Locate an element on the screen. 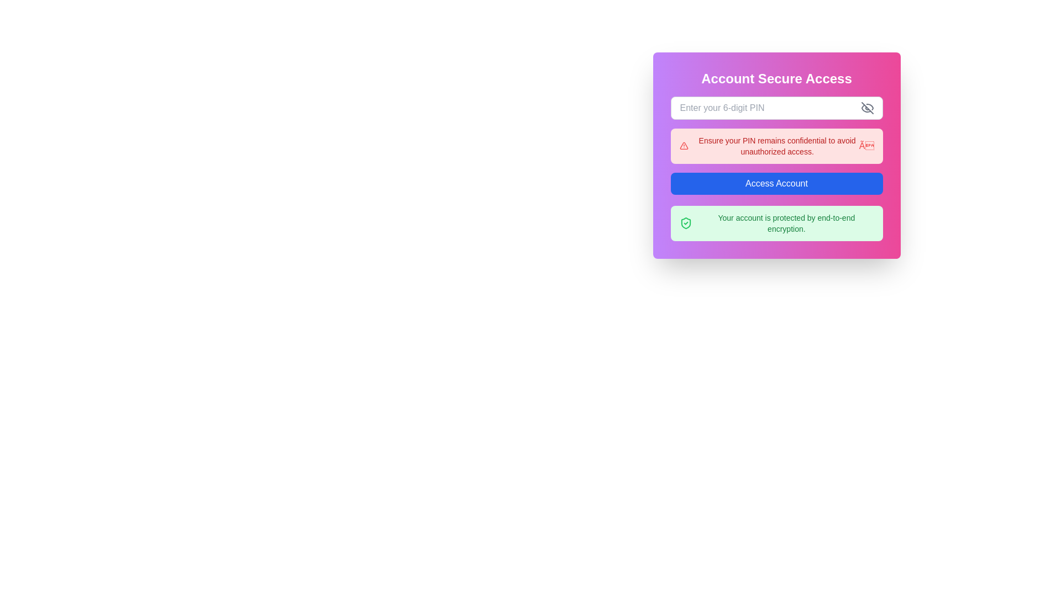 The height and width of the screenshot is (596, 1061). the alert icon located in the pink notification box, positioned to the left of the warning text message about PIN confidentiality is located at coordinates (684, 146).